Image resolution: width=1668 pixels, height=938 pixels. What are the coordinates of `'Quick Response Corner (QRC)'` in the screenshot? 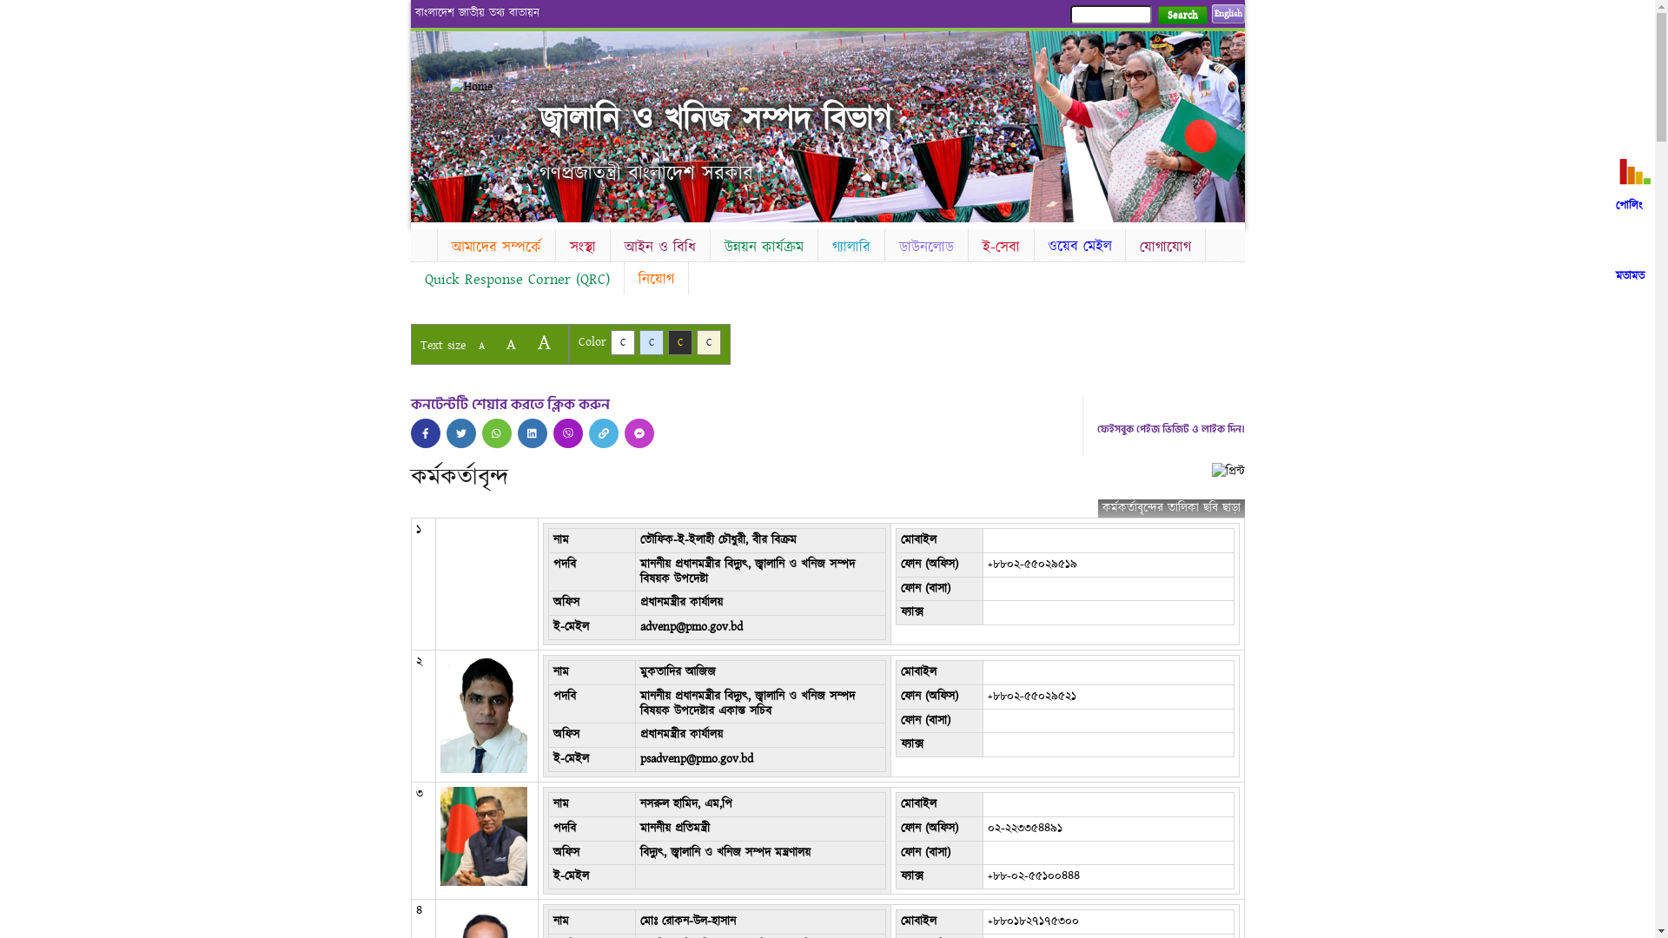 It's located at (515, 278).